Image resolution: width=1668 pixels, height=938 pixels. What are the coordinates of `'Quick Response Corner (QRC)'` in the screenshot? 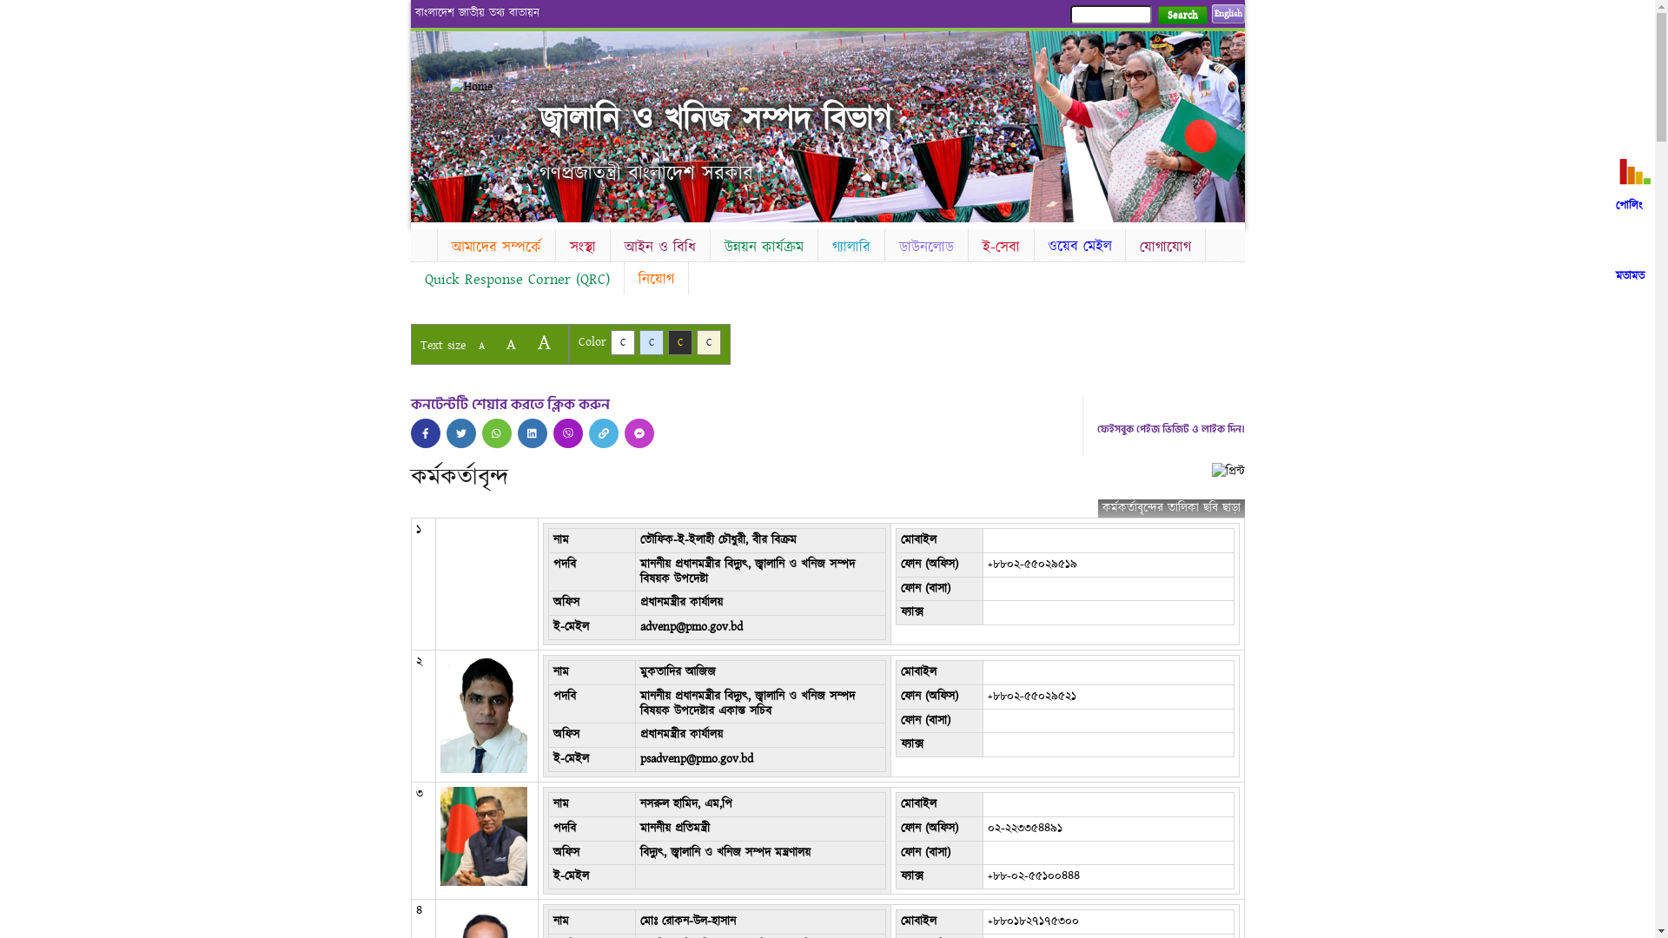 It's located at (515, 278).